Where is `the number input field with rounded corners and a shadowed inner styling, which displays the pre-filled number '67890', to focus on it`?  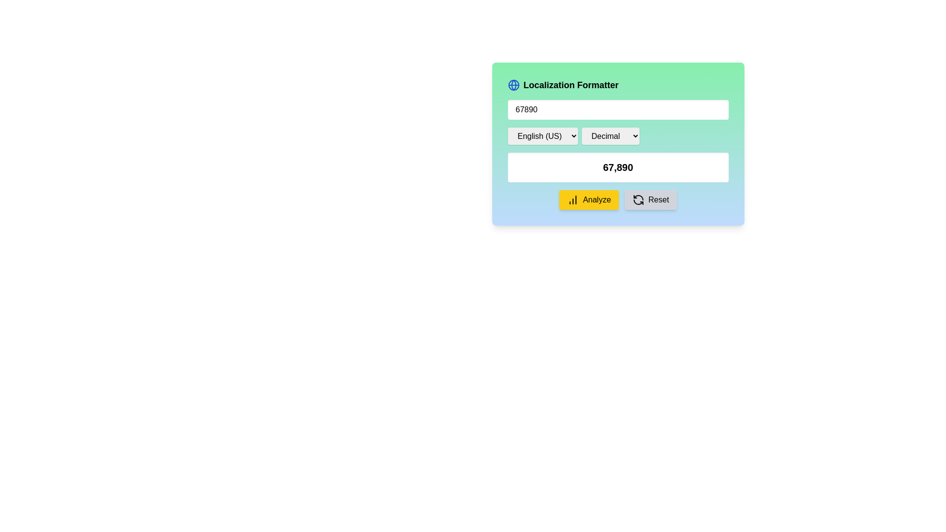 the number input field with rounded corners and a shadowed inner styling, which displays the pre-filled number '67890', to focus on it is located at coordinates (617, 110).